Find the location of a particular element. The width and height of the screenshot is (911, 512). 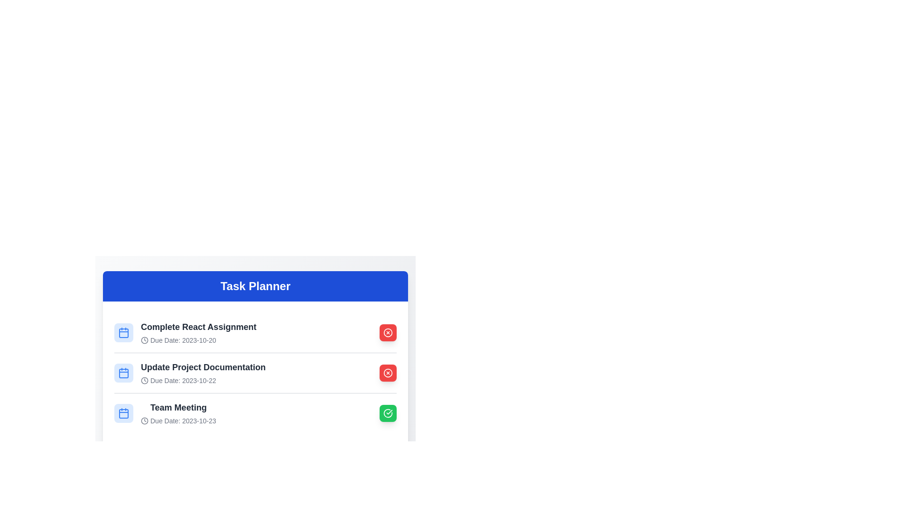

the Header text label that summarizes the task's name, located above the 'Due Date: 2023-10-22' text and aligned with a calendar icon is located at coordinates (203, 367).